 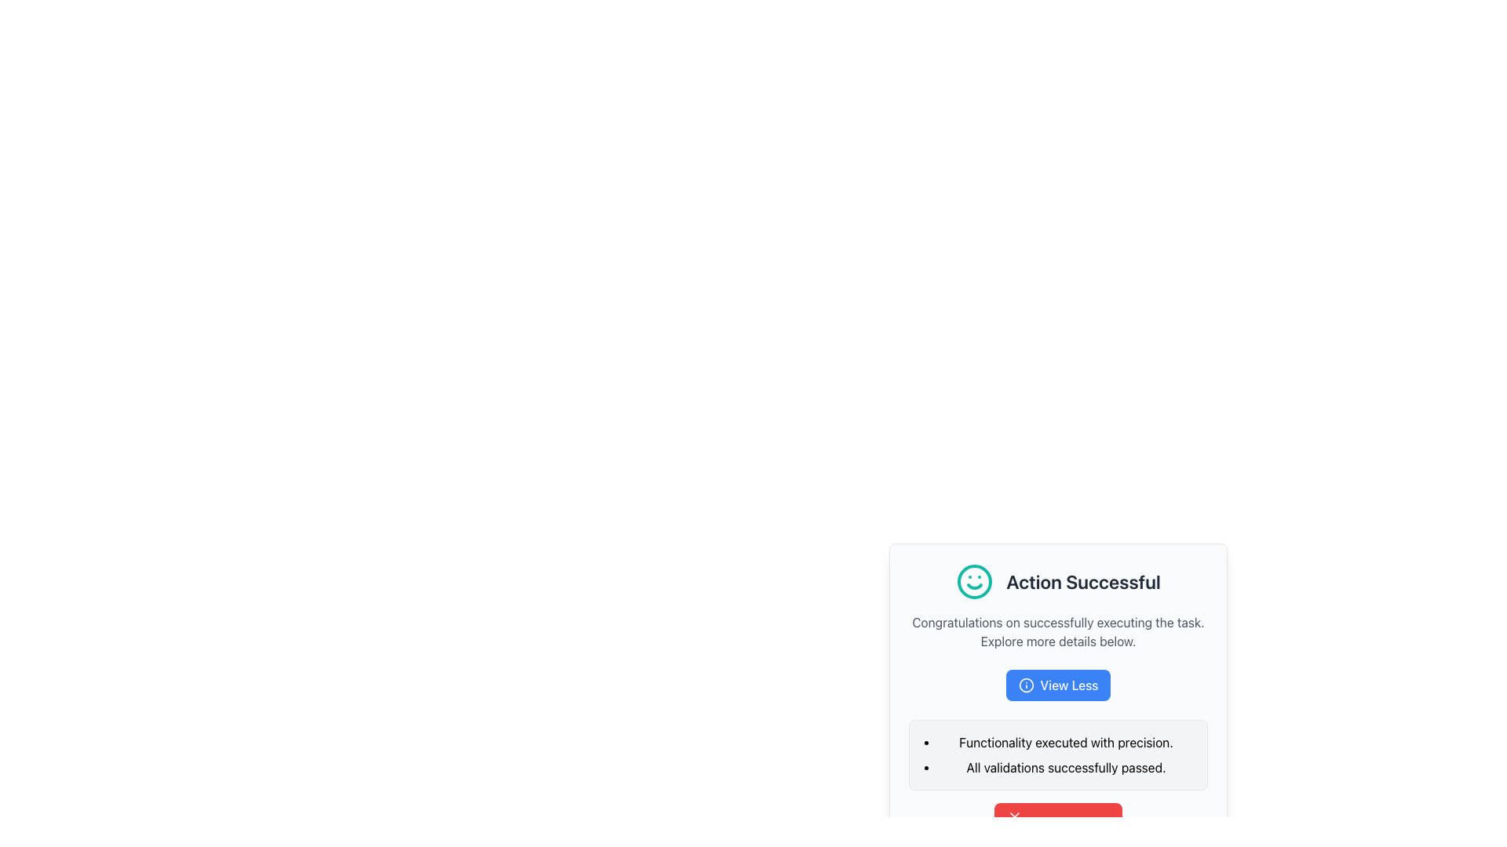 I want to click on the confirmation text element located below the 'Action Successful' title and above the 'View Less' button, so click(x=1058, y=631).